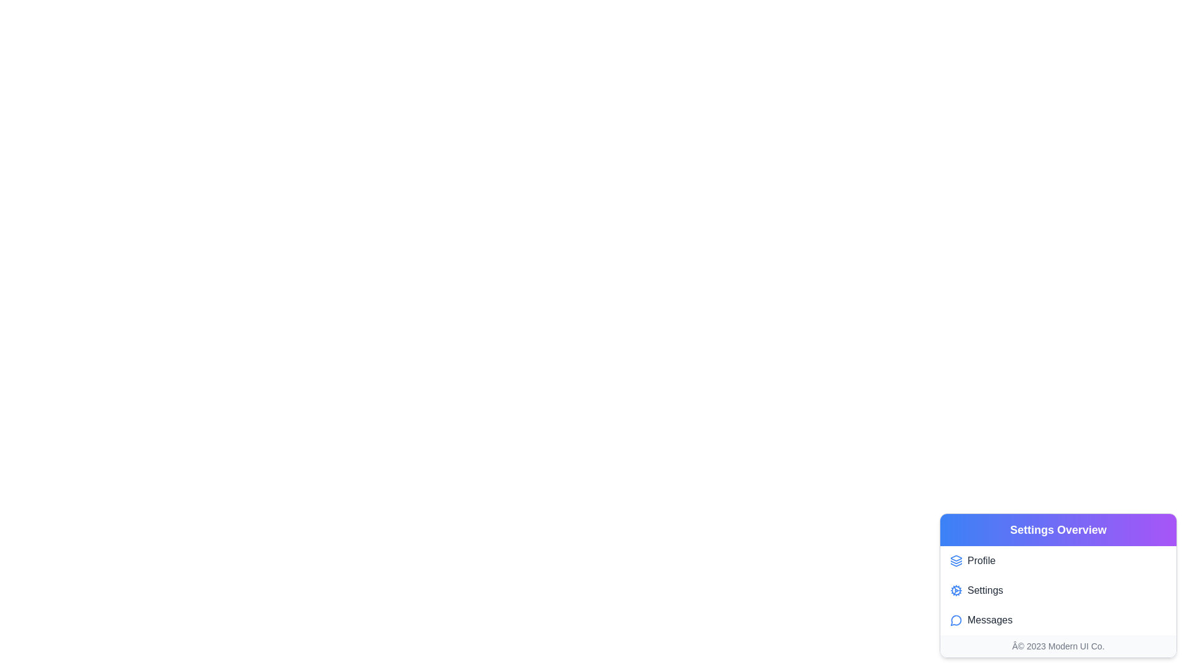 Image resolution: width=1187 pixels, height=668 pixels. I want to click on the topmost polygonal shape of the Graphical Icon Component located in the bottom-right corner of the 'Settings Overview' sidebar, so click(955, 558).